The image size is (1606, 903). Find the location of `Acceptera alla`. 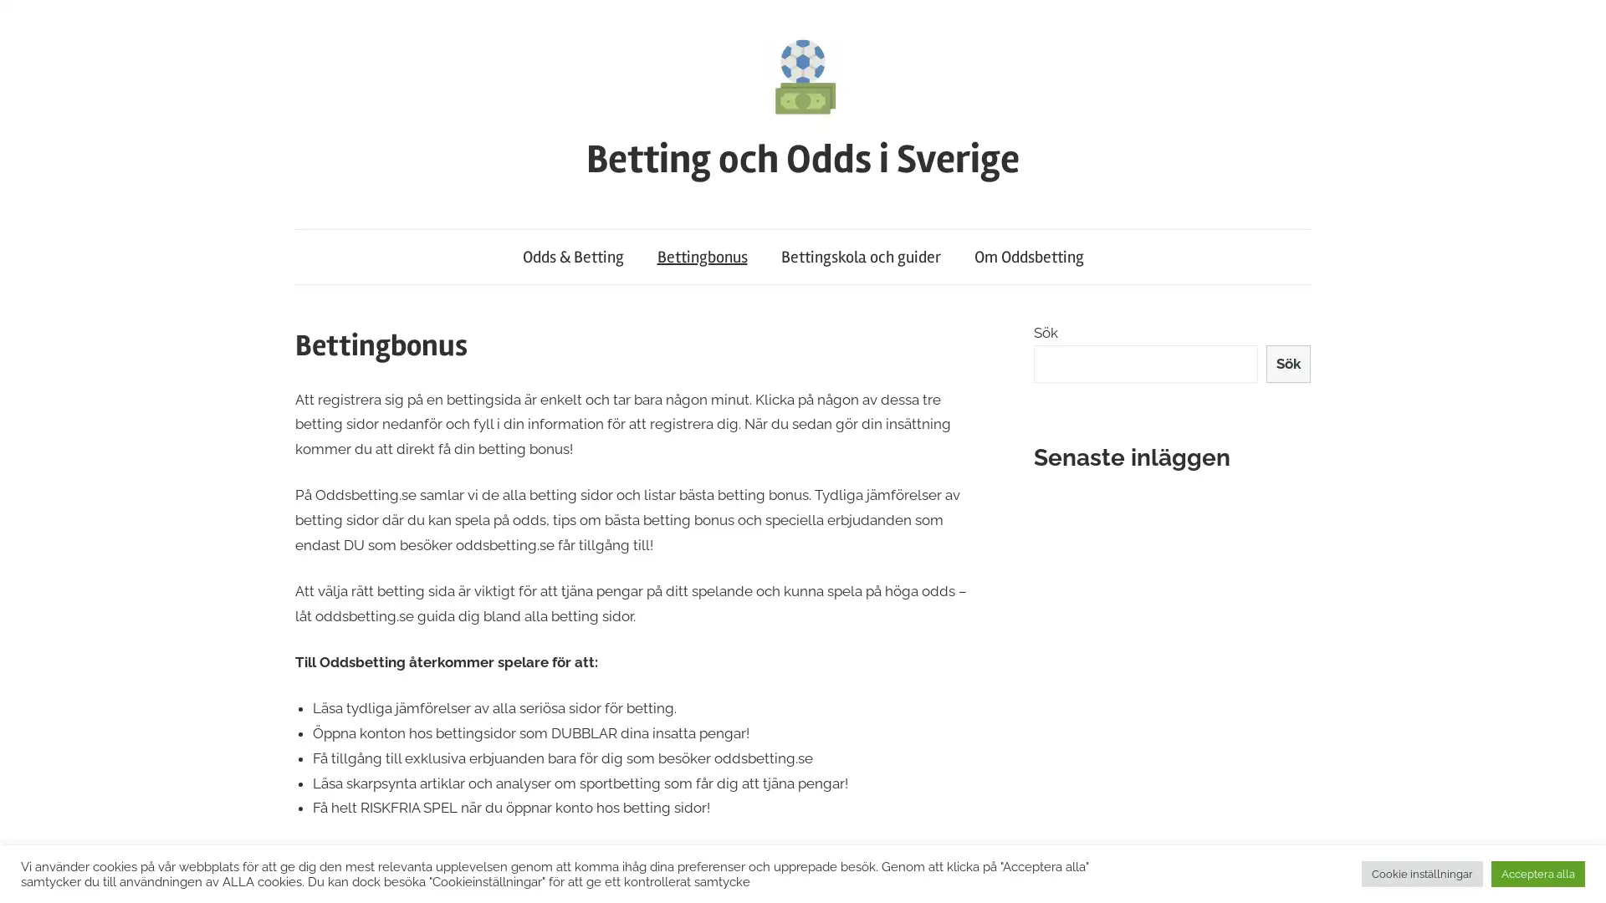

Acceptera alla is located at coordinates (1537, 873).